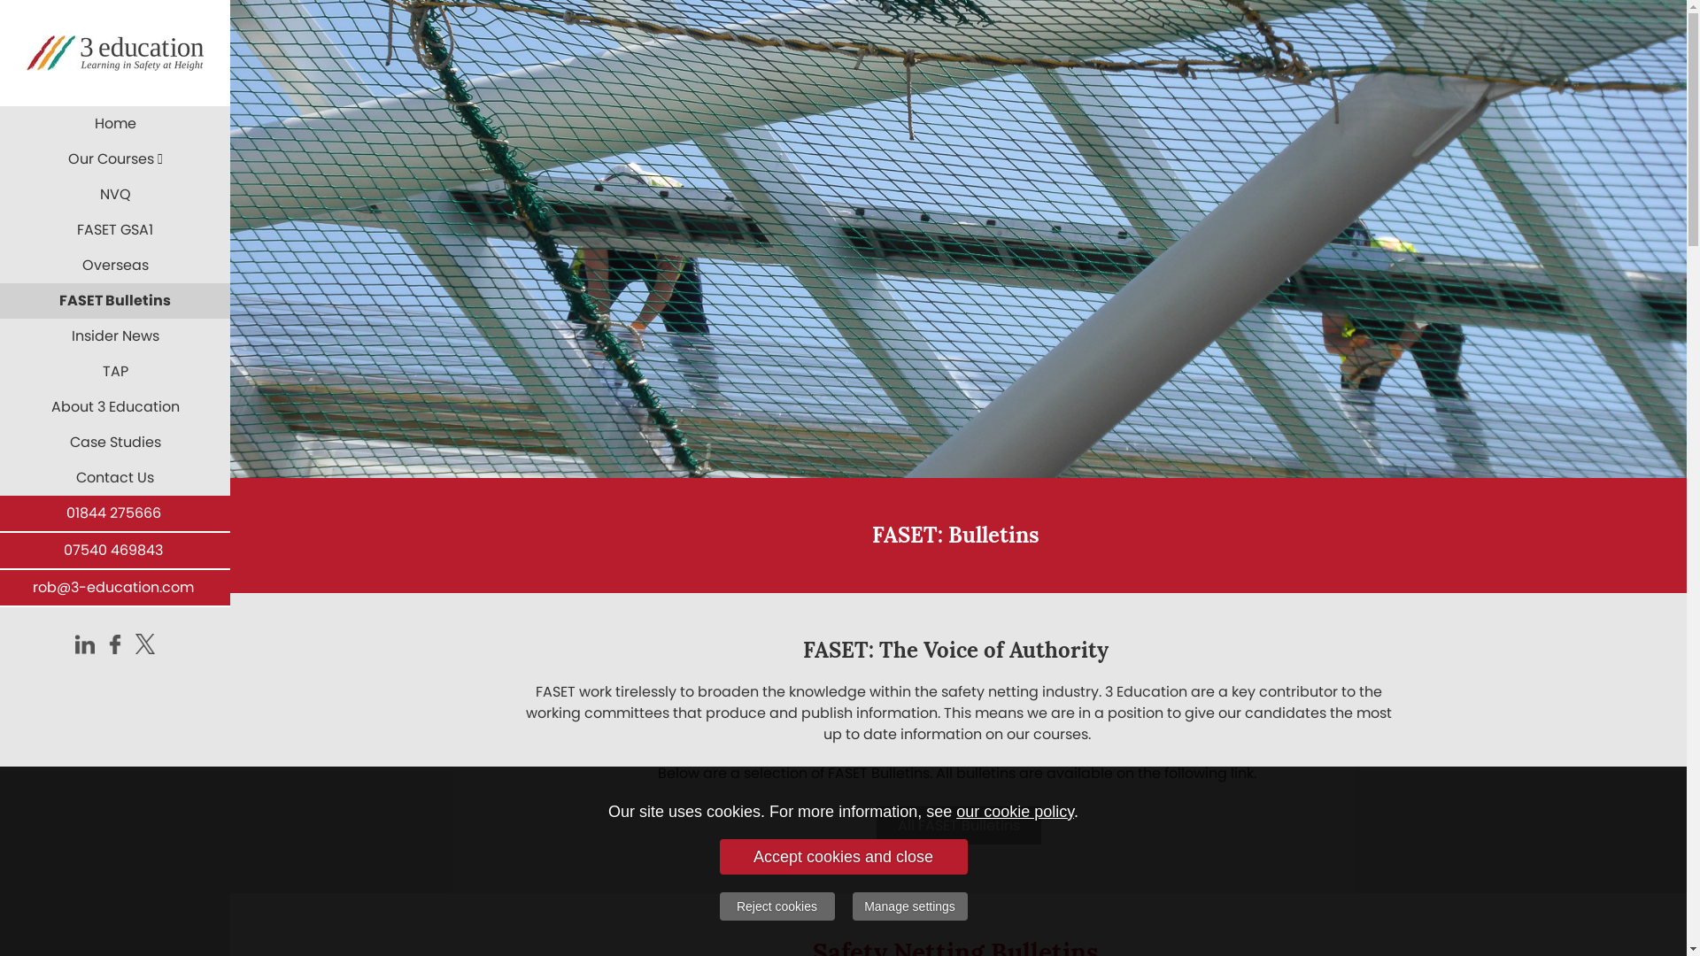  Describe the element at coordinates (113, 371) in the screenshot. I see `'TAP'` at that location.